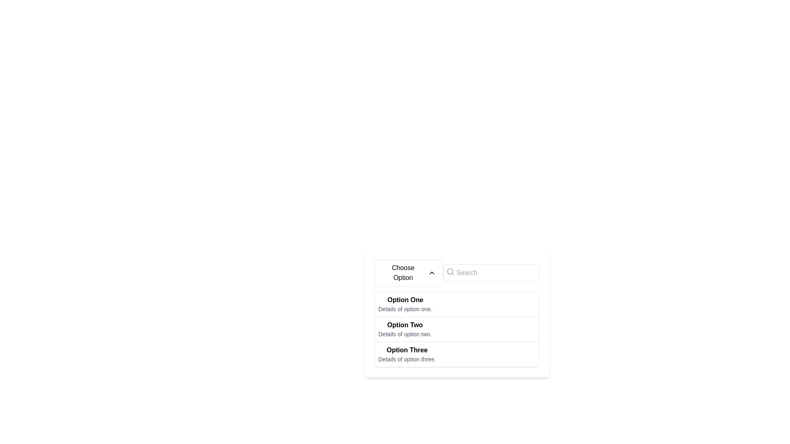  What do you see at coordinates (405, 300) in the screenshot?
I see `text displayed in the first dropdown option labeled as the title or header, which is positioned above 'Details of option one.'` at bounding box center [405, 300].